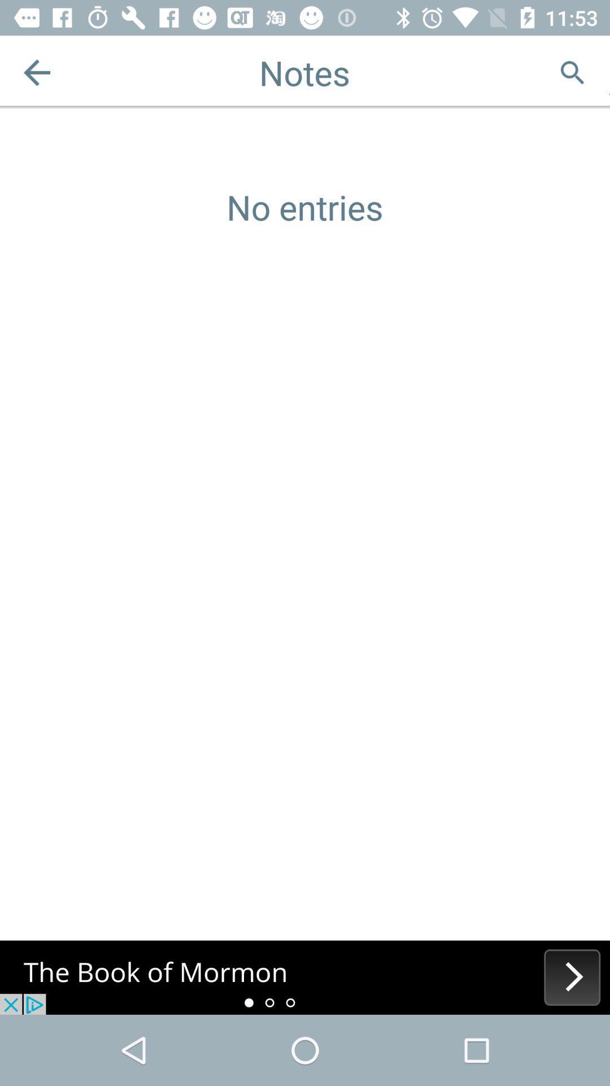 This screenshot has width=610, height=1086. Describe the element at coordinates (572, 72) in the screenshot. I see `for the search option` at that location.